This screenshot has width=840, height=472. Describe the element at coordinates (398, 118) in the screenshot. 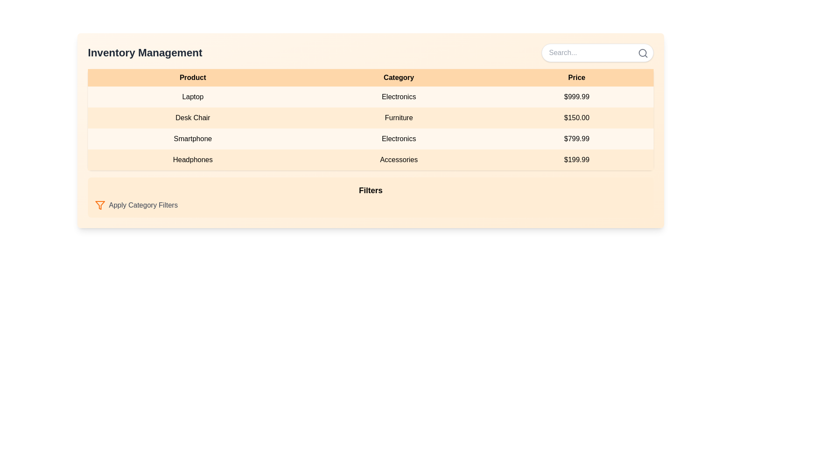

I see `the static text element displaying 'Furniture' located in the second column of the second row under the 'Category' header` at that location.